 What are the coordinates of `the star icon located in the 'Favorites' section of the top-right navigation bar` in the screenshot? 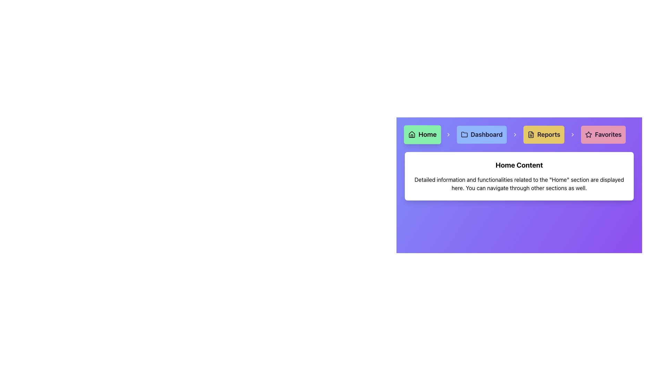 It's located at (588, 134).